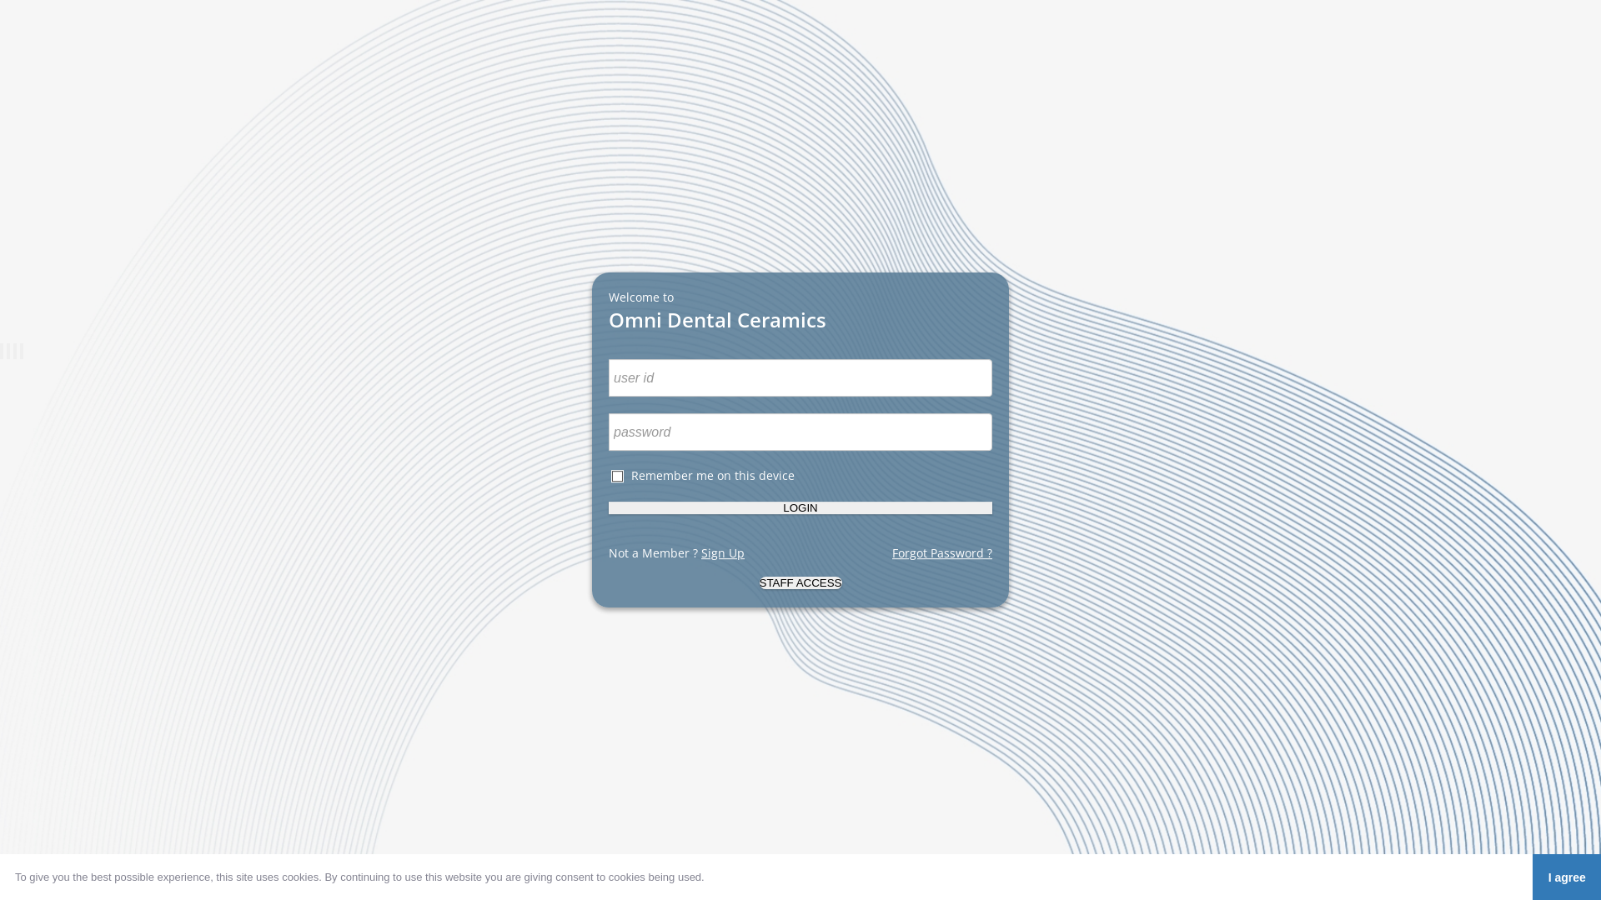 Image resolution: width=1601 pixels, height=900 pixels. What do you see at coordinates (723, 552) in the screenshot?
I see `'Sign Up'` at bounding box center [723, 552].